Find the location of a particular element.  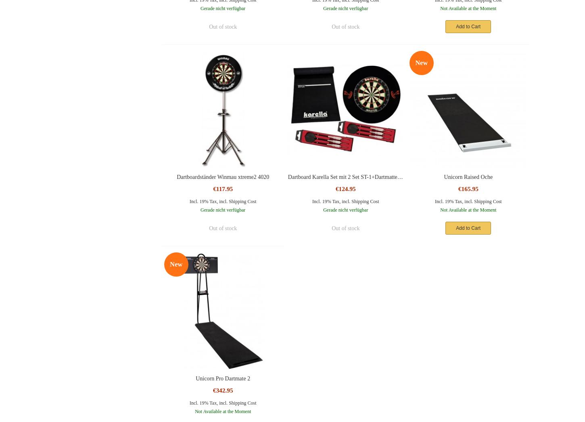

'Dartboardständer Winmau xtreme2  4020' is located at coordinates (223, 176).